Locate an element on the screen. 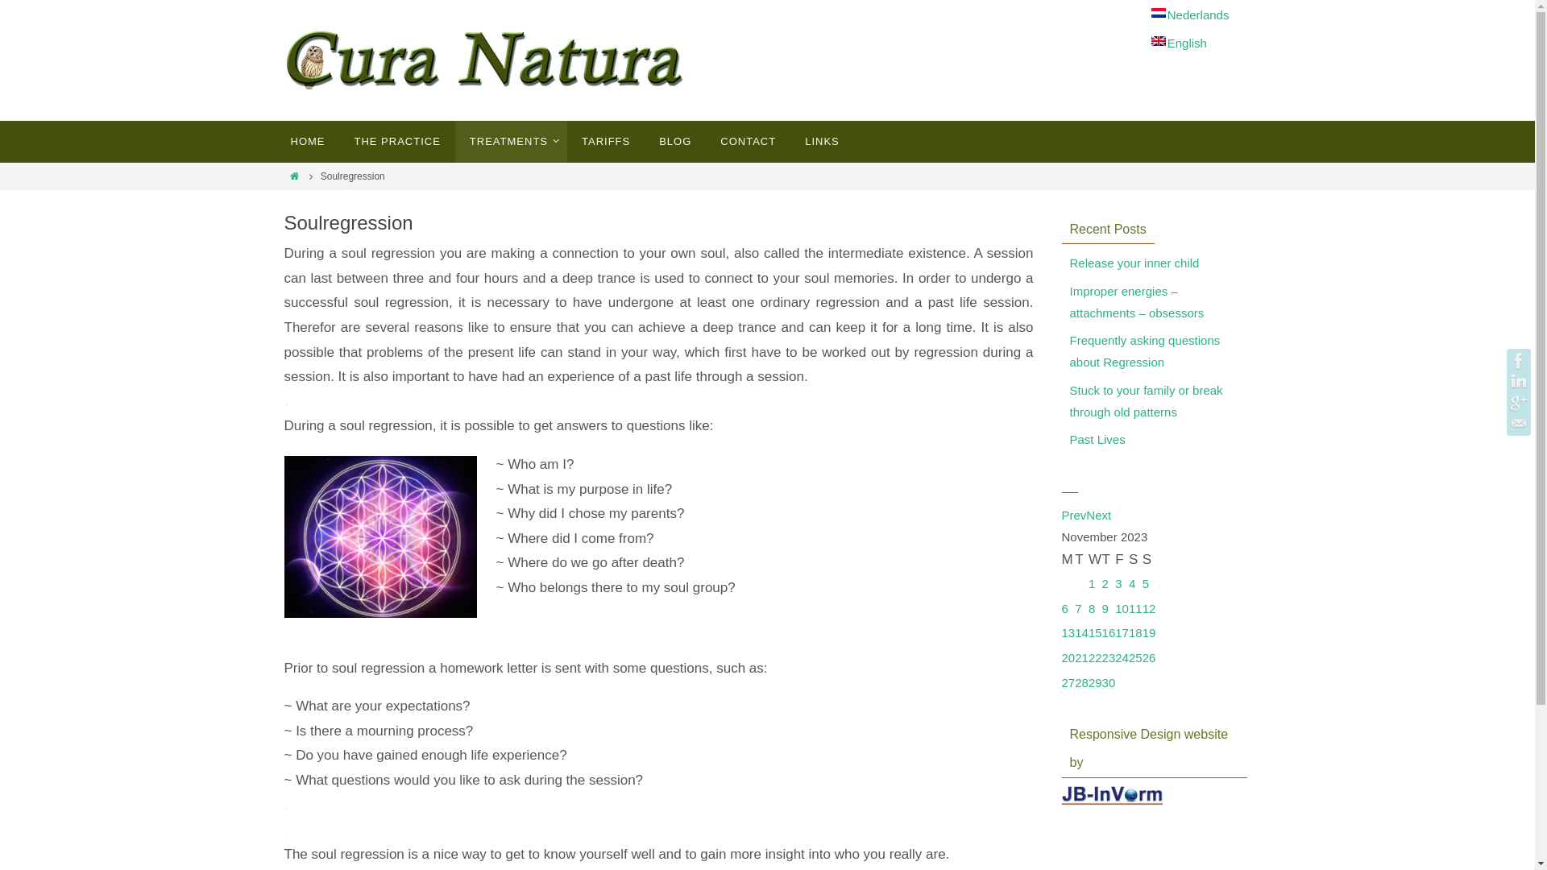 This screenshot has width=1547, height=870. '23' is located at coordinates (1108, 658).